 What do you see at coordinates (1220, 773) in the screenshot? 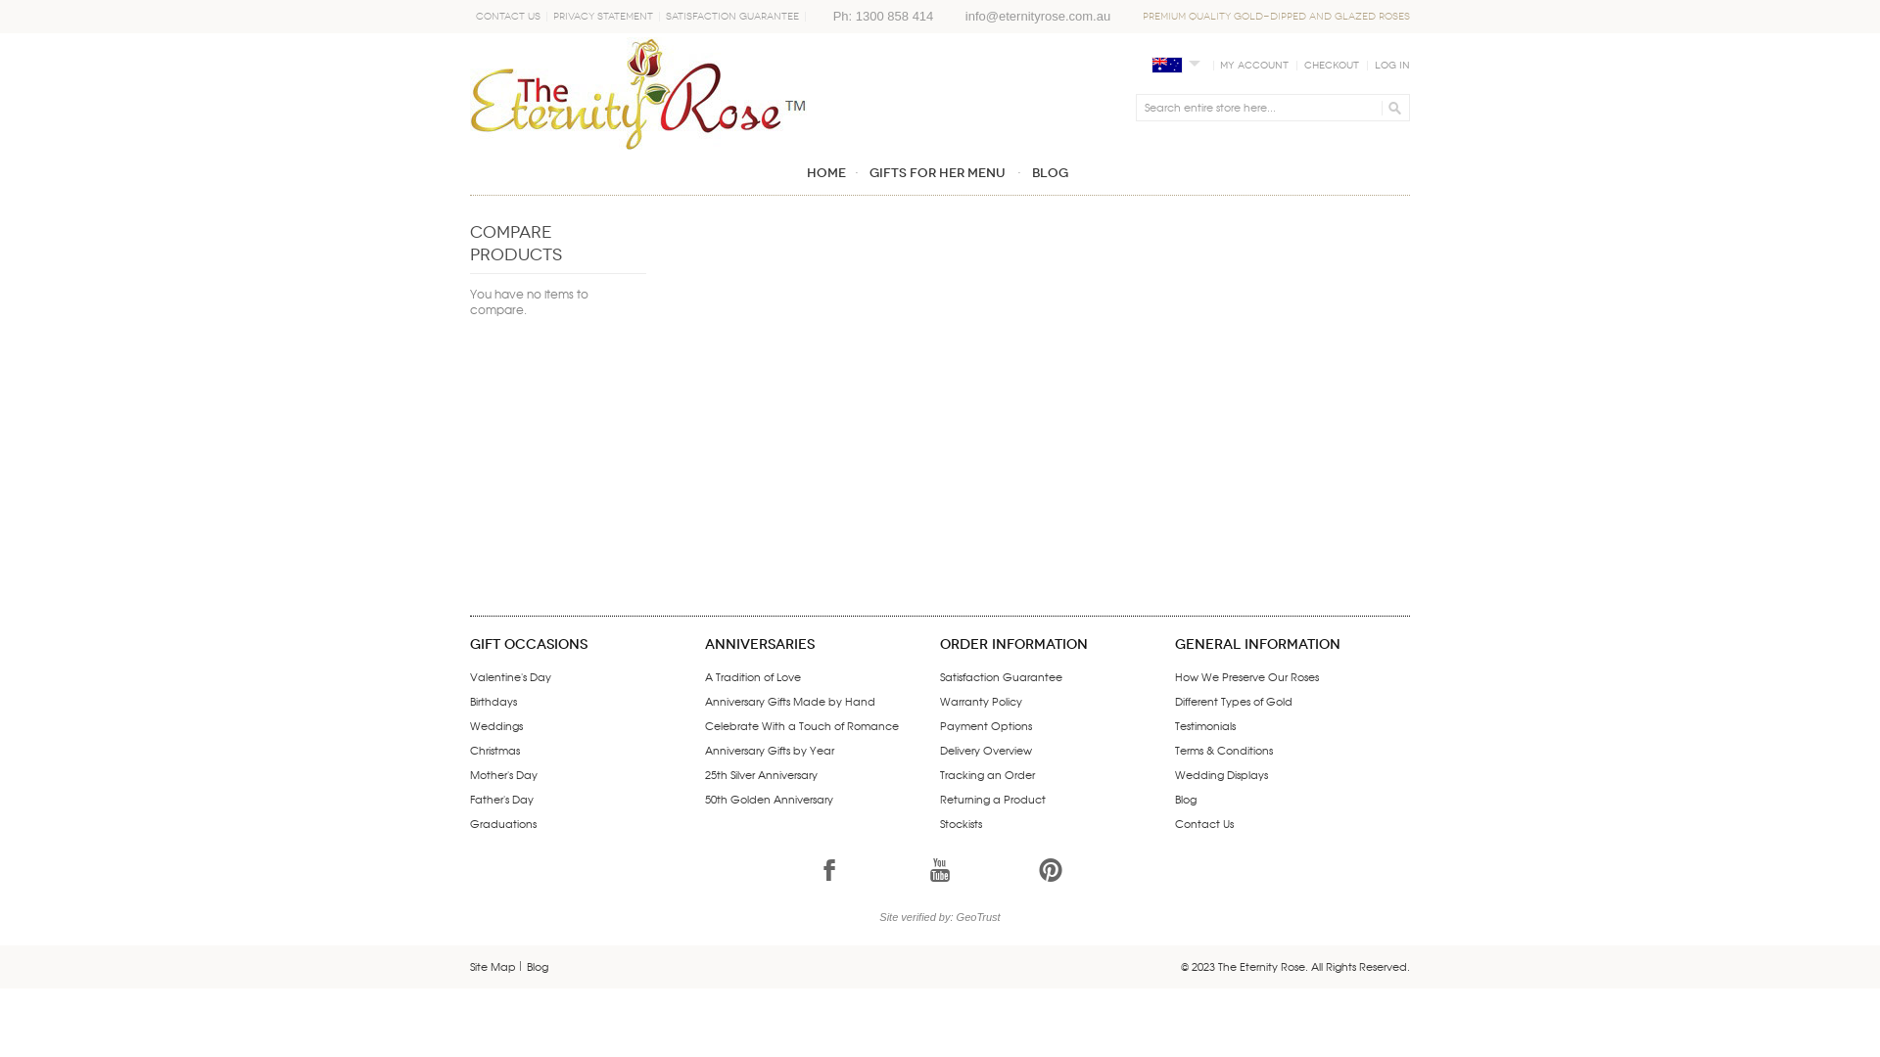
I see `'Wedding Displays'` at bounding box center [1220, 773].